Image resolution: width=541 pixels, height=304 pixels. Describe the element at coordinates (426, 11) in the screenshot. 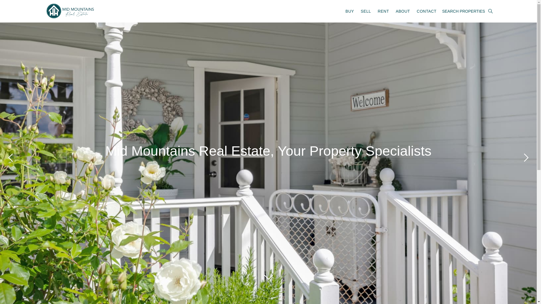

I see `'CONTACT'` at that location.